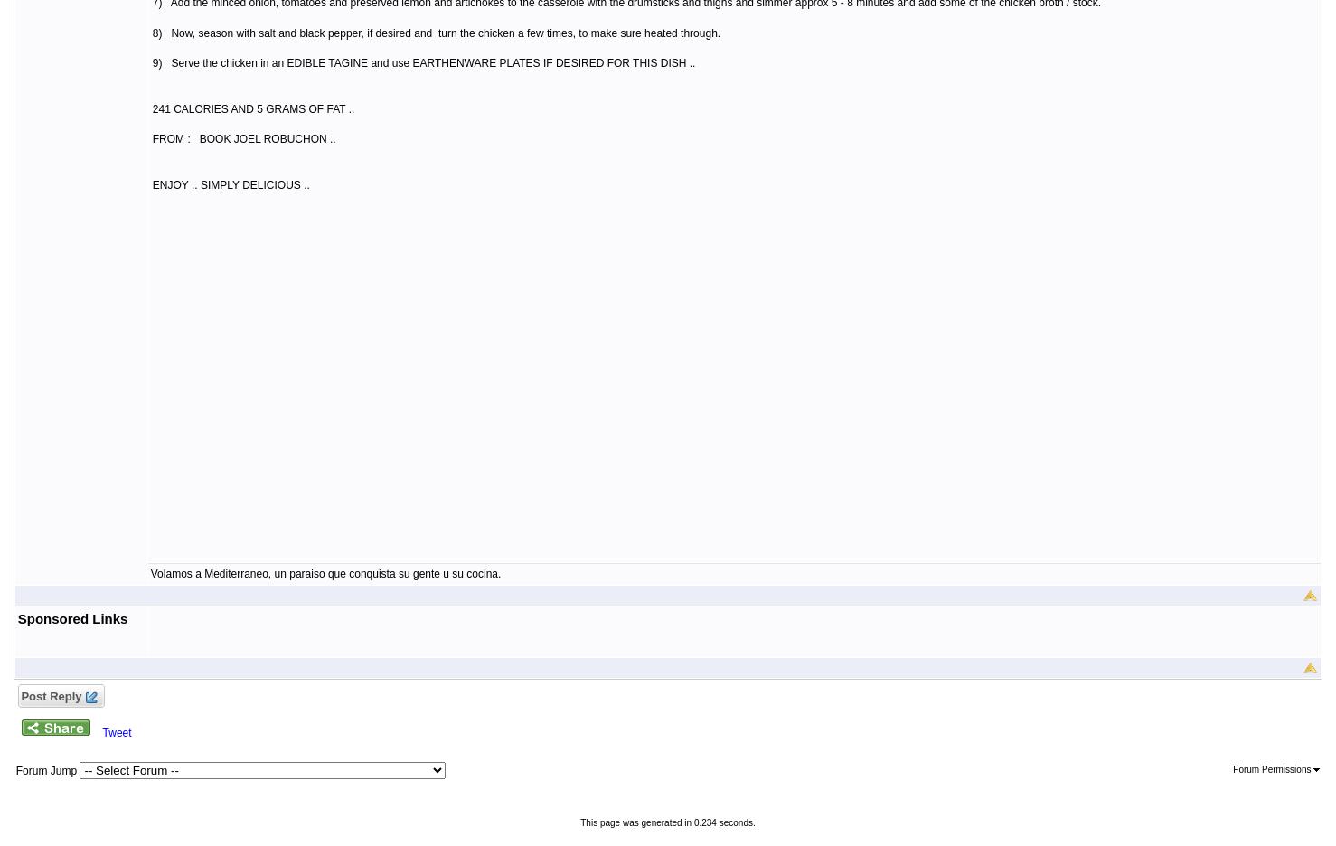 Image resolution: width=1336 pixels, height=846 pixels. What do you see at coordinates (71, 617) in the screenshot?
I see `'Sponsored Links'` at bounding box center [71, 617].